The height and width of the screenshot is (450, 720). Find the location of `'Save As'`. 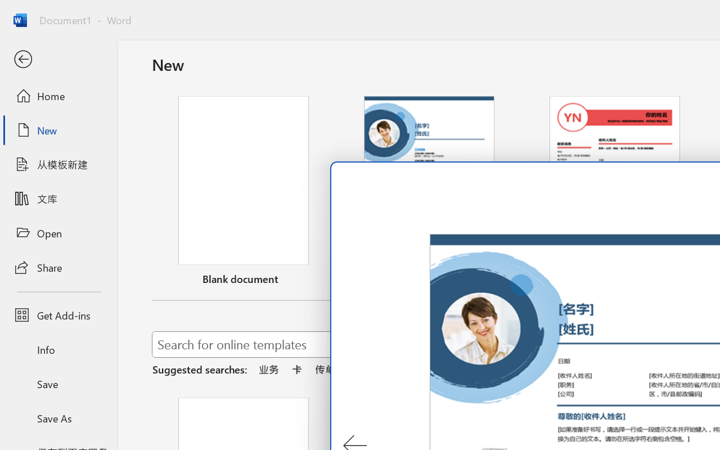

'Save As' is located at coordinates (58, 418).